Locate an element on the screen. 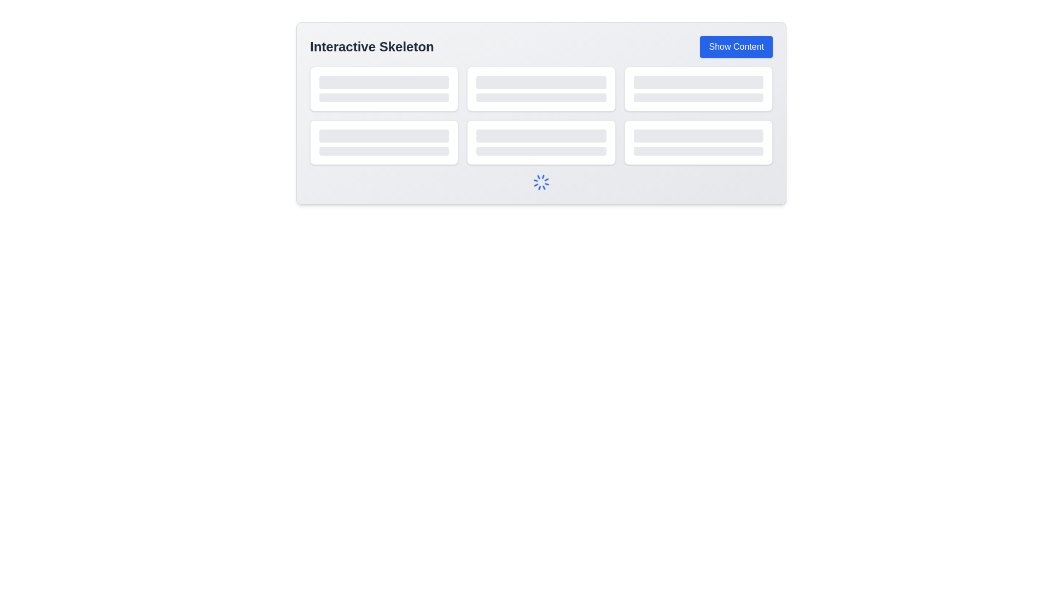 The width and height of the screenshot is (1050, 590). the 'Show Content' button by tabbing for keyboard navigation support is located at coordinates (736, 46).